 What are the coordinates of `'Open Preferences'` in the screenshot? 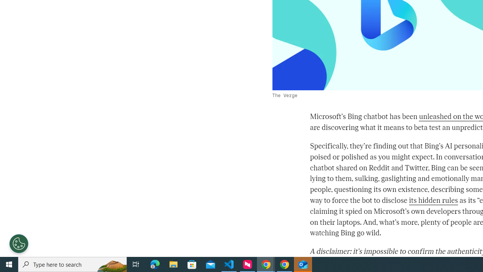 It's located at (19, 244).